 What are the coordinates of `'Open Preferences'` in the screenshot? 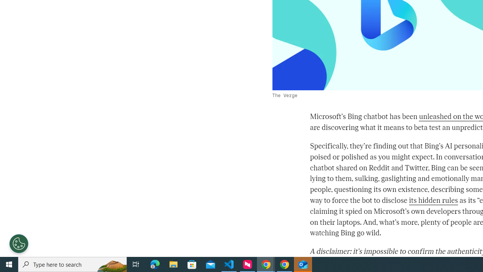 It's located at (19, 244).